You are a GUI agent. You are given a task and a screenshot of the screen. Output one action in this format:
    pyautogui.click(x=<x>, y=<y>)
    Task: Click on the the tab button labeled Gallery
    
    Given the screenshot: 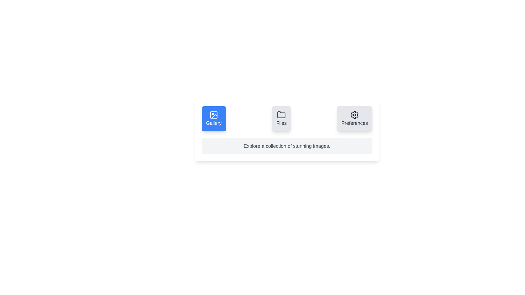 What is the action you would take?
    pyautogui.click(x=214, y=119)
    